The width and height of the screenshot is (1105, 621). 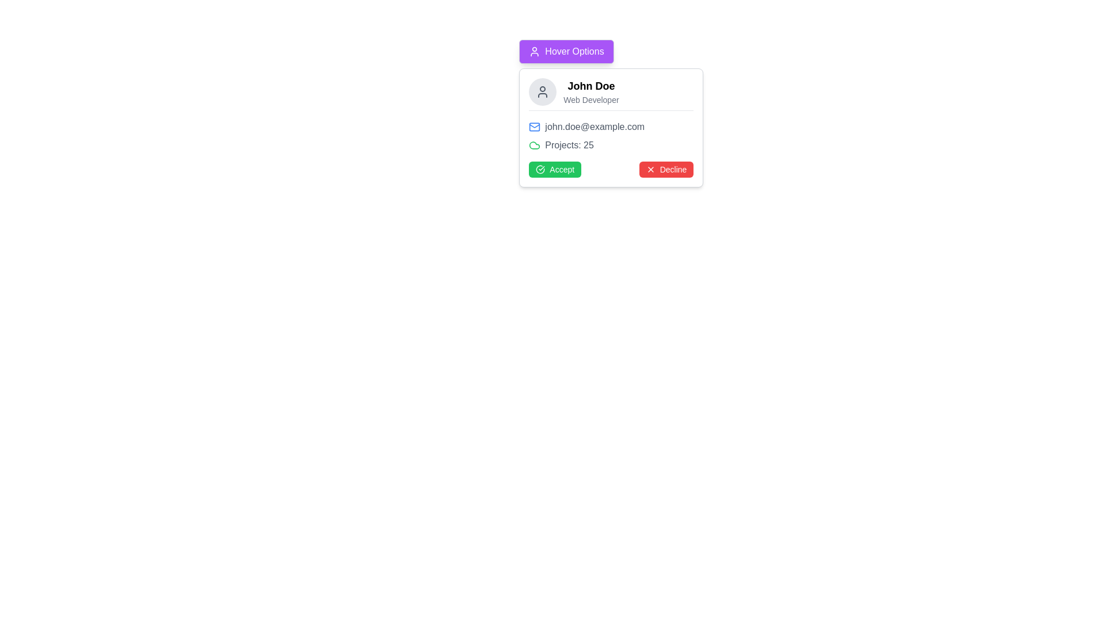 What do you see at coordinates (666, 169) in the screenshot?
I see `the 'Decline' button located to the right of the 'Accept' button in the bottom-right of the modal dialog` at bounding box center [666, 169].